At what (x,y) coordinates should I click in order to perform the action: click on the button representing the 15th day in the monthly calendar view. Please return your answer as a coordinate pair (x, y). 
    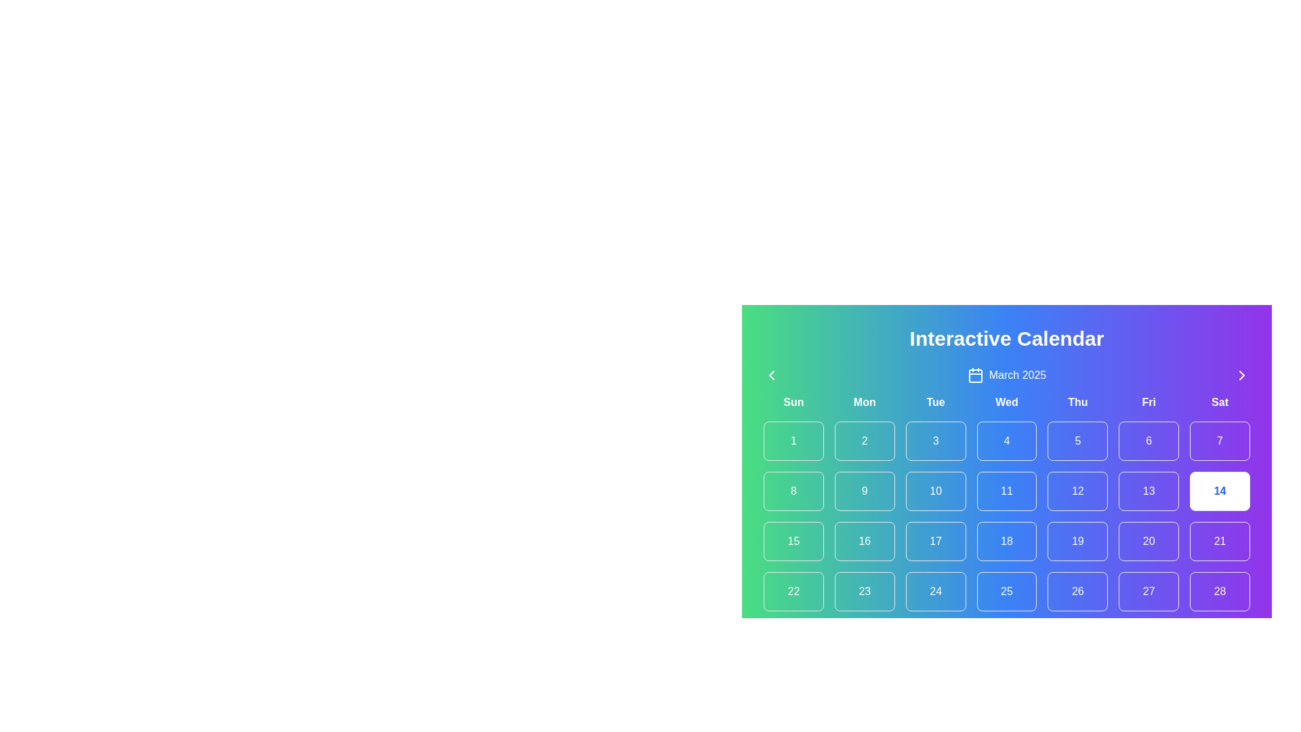
    Looking at the image, I should click on (793, 540).